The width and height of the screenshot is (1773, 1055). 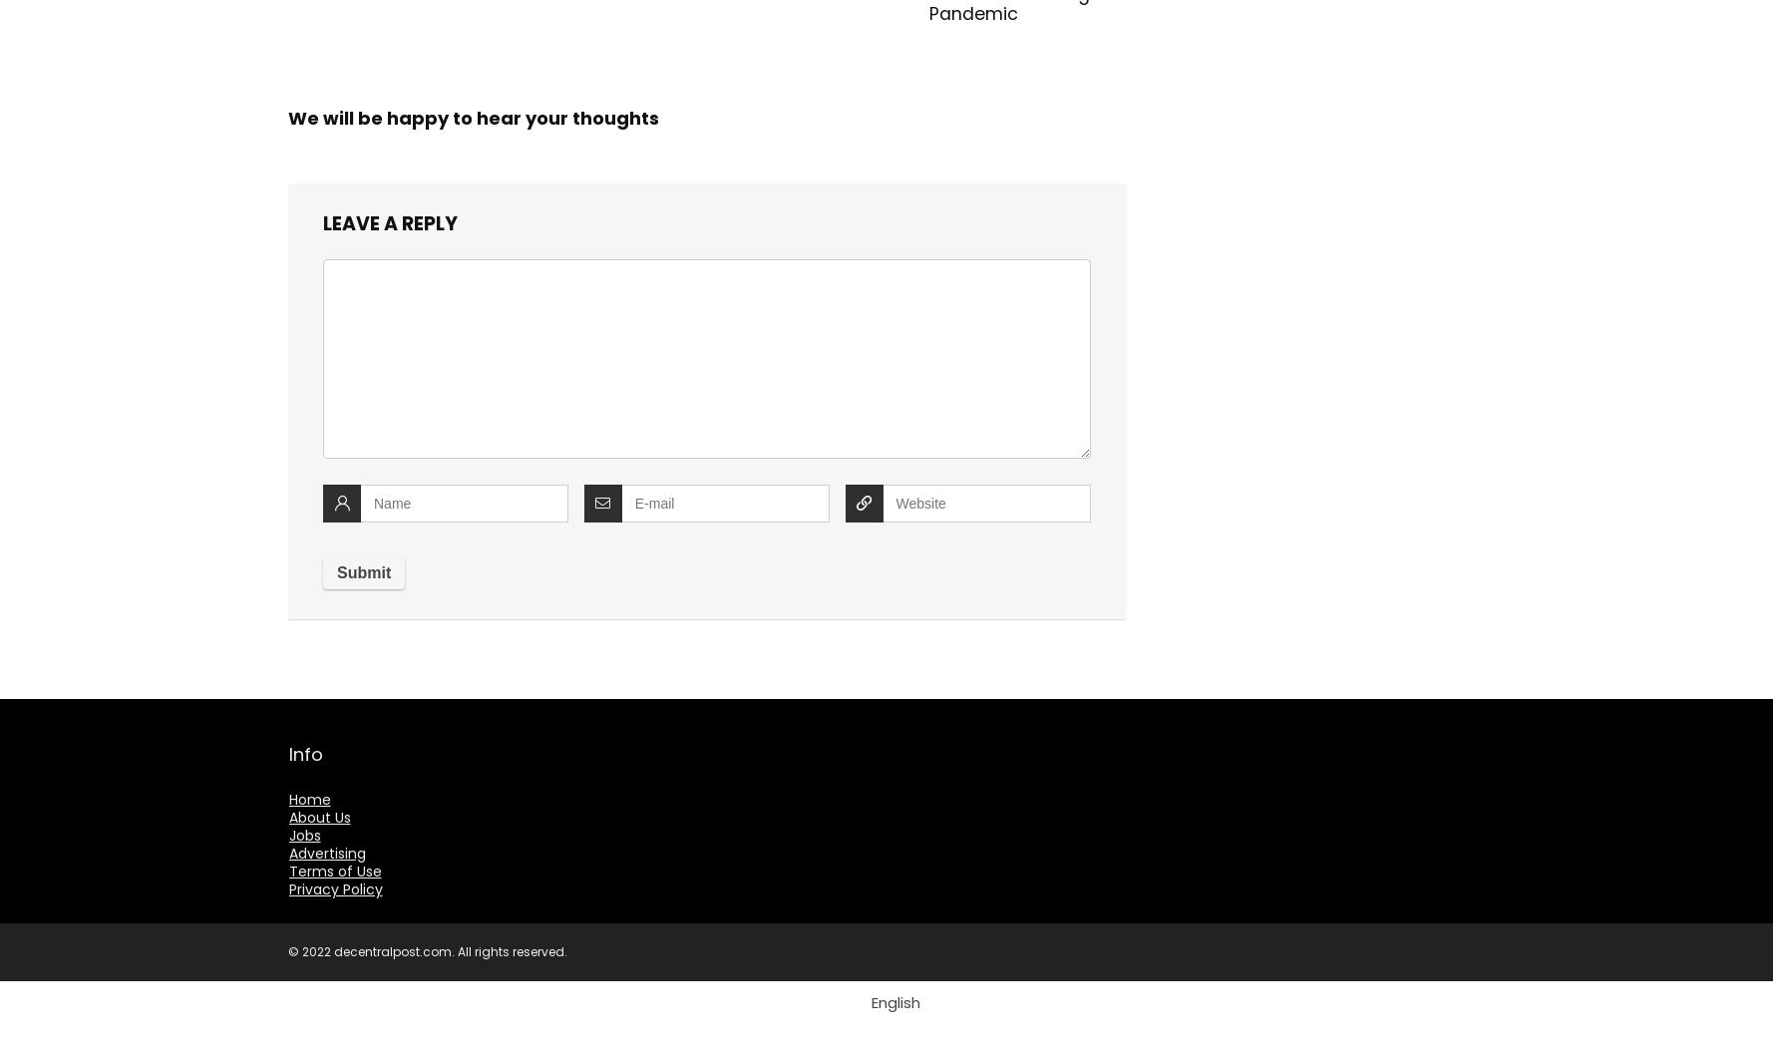 I want to click on 'Terms of Use', so click(x=333, y=871).